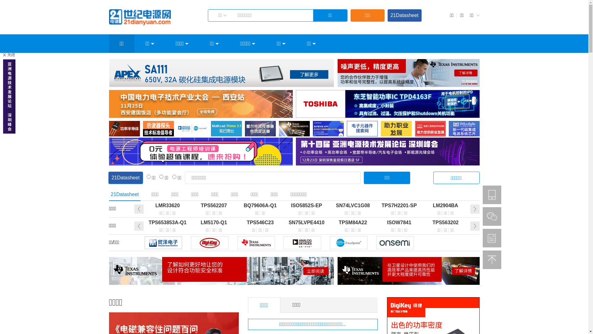  What do you see at coordinates (446, 205) in the screenshot?
I see `'LM2904BA'` at bounding box center [446, 205].